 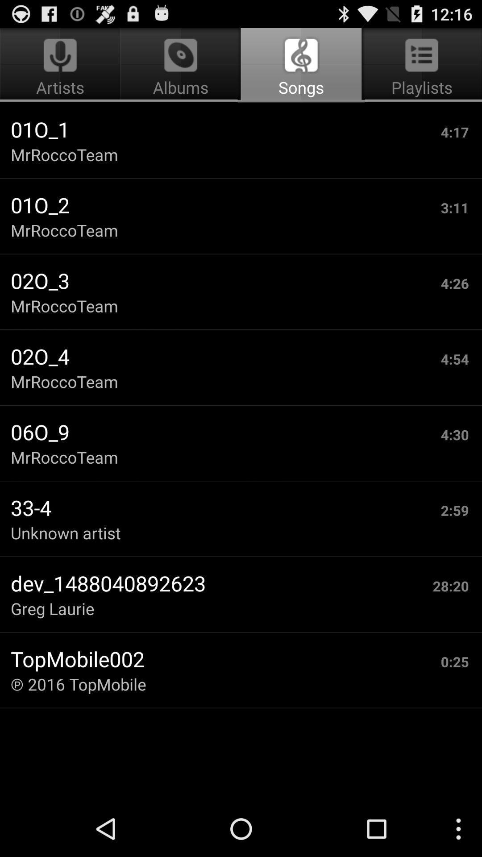 What do you see at coordinates (301, 65) in the screenshot?
I see `item above 01o_1 app` at bounding box center [301, 65].